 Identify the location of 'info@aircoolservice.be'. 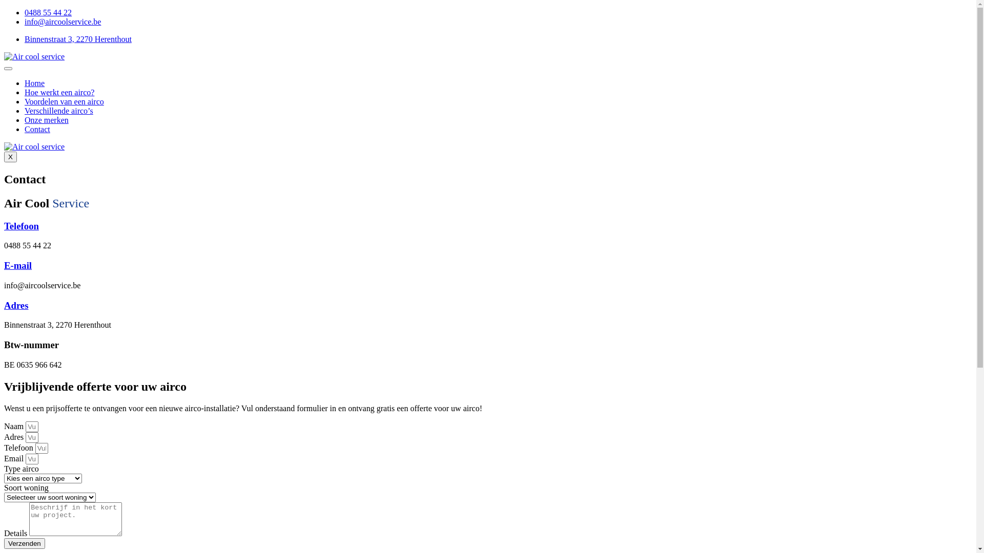
(62, 22).